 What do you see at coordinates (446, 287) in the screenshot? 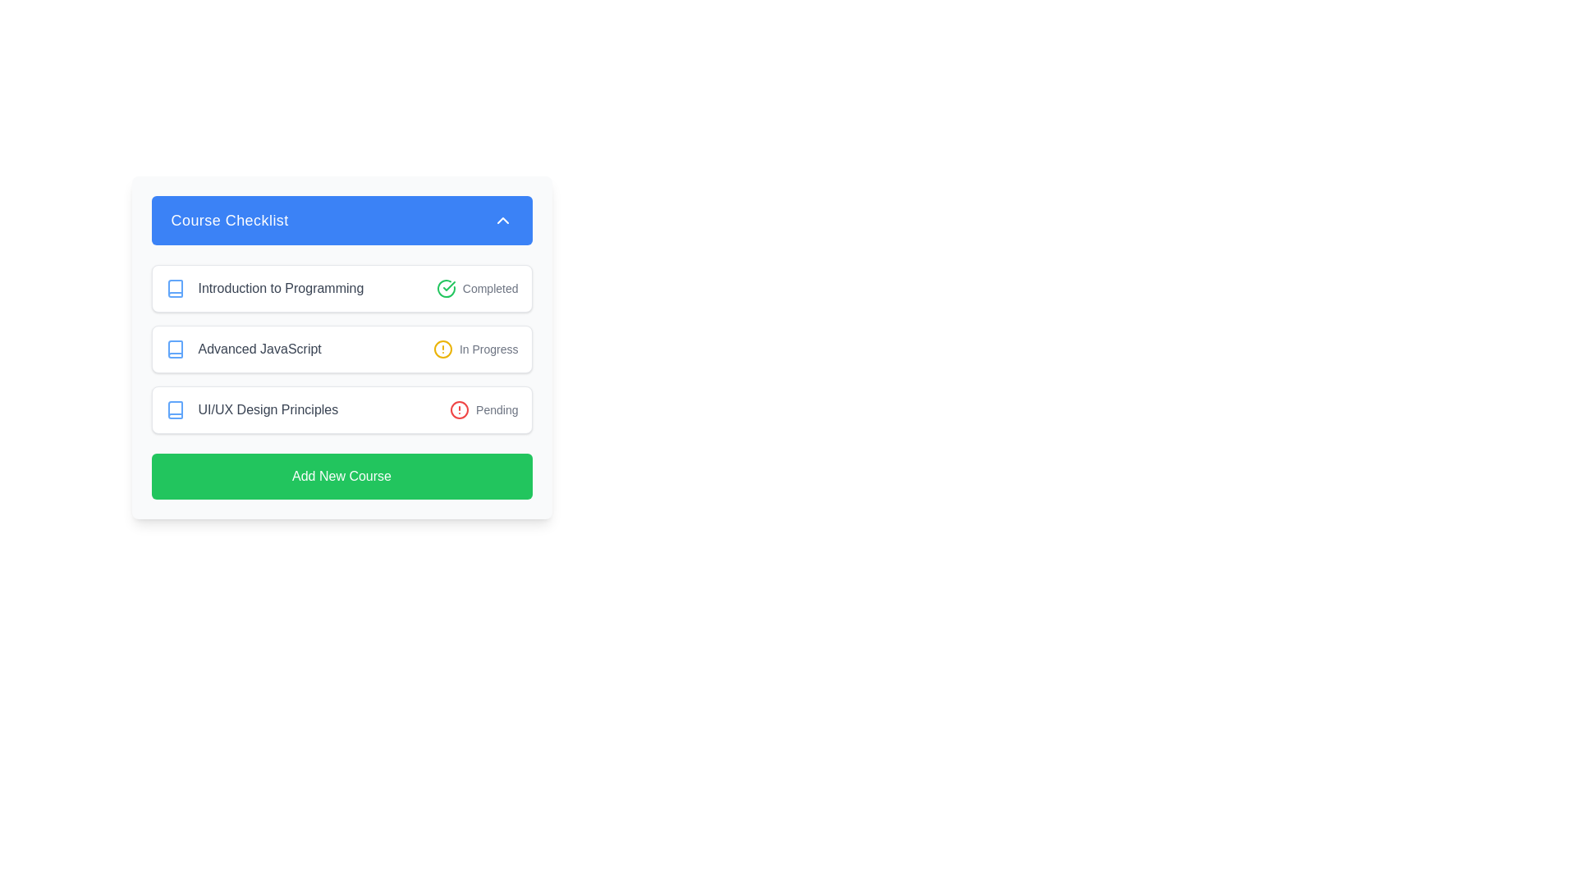
I see `the visual indicator icon for a completed item in the checklist, which is located in the first row adjacent to the text 'Completed' and aligned to the right of 'Introduction to Programming.'` at bounding box center [446, 287].